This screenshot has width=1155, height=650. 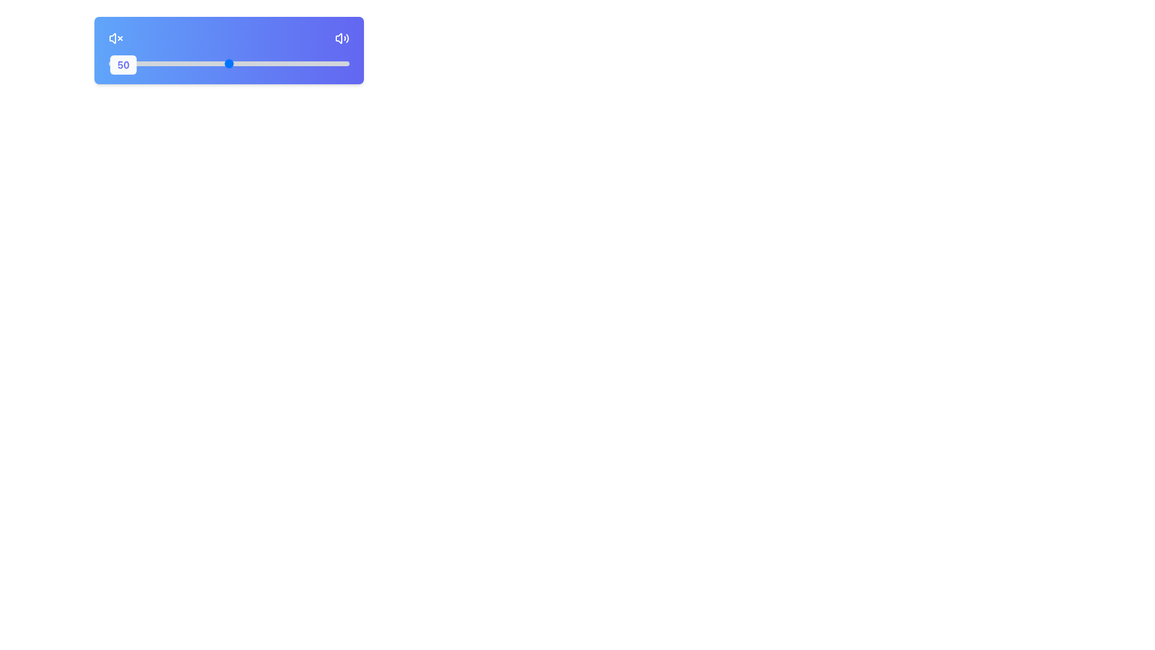 What do you see at coordinates (245, 63) in the screenshot?
I see `the slider value` at bounding box center [245, 63].